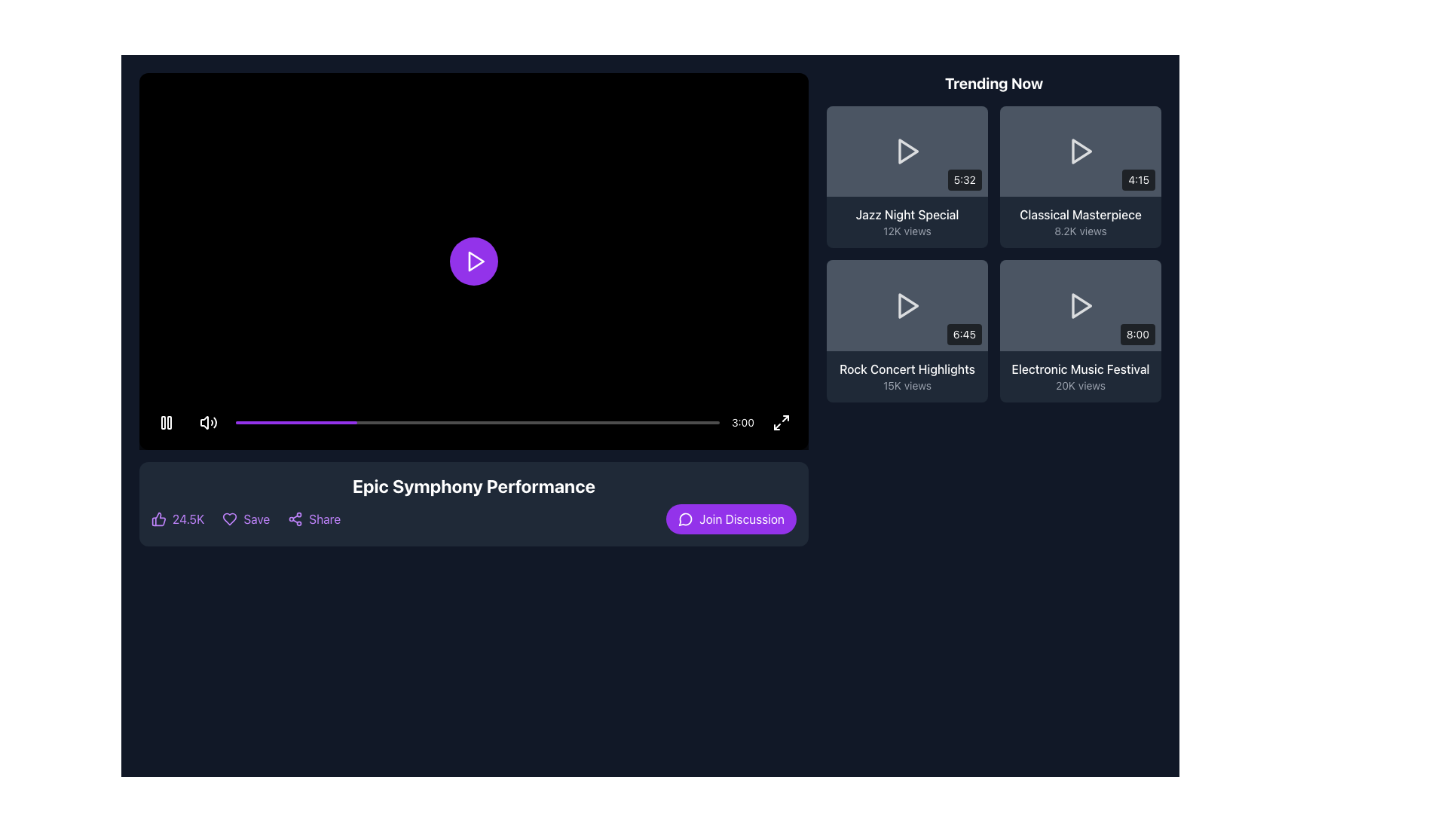 This screenshot has height=814, width=1447. I want to click on the round pause button with a black background and two vertical white bars inside, located on the bottom-left corner of the video player interface, so click(166, 421).